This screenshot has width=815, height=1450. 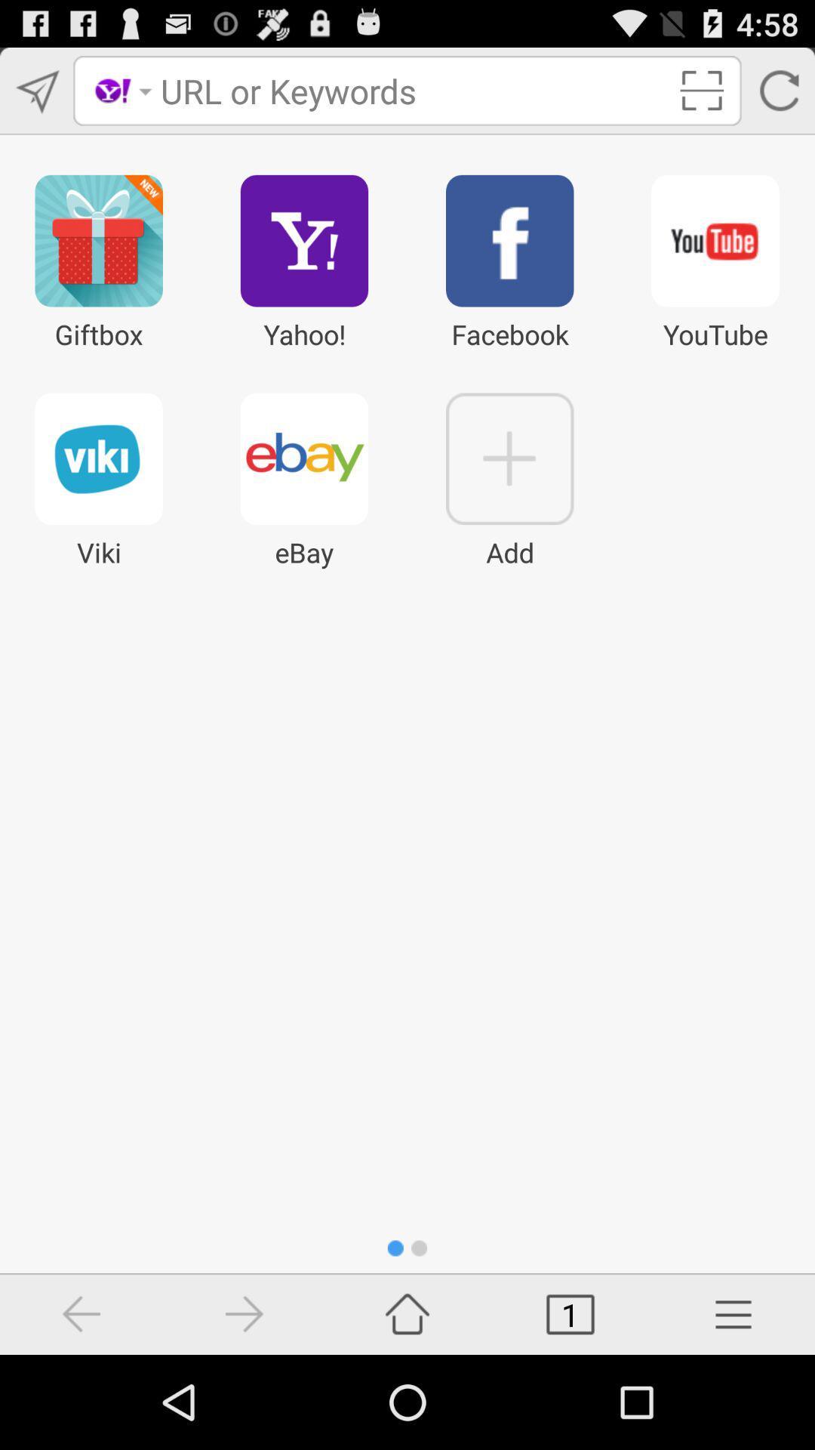 I want to click on icon above ebay below yahoo, so click(x=304, y=458).